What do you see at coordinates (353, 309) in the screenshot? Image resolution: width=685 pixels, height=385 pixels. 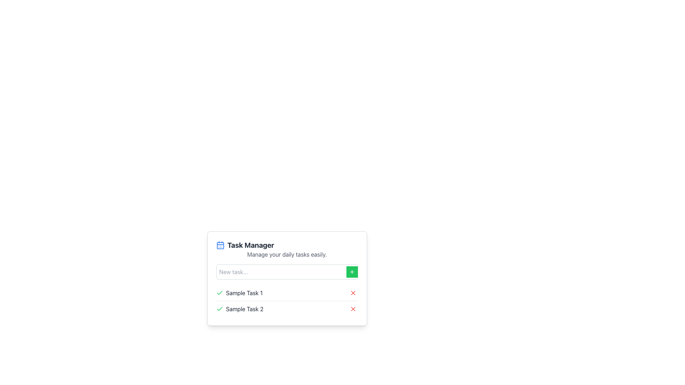 I see `the delete icon located at the far right of the row displaying the task 'Sample Task 2'` at bounding box center [353, 309].